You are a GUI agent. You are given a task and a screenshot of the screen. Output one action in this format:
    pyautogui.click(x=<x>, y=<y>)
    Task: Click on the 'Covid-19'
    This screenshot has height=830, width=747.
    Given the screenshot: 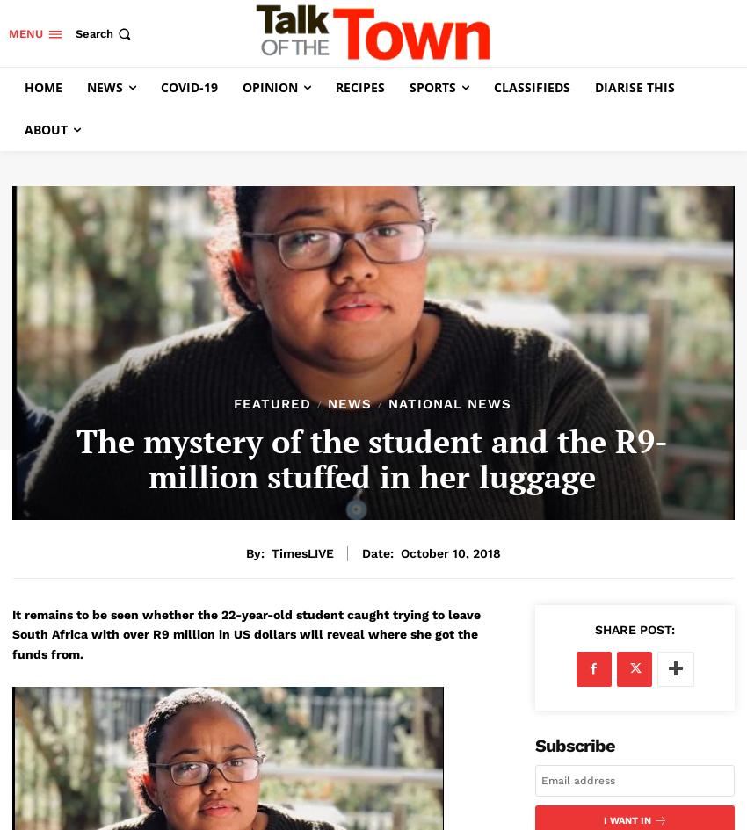 What is the action you would take?
    pyautogui.click(x=189, y=86)
    